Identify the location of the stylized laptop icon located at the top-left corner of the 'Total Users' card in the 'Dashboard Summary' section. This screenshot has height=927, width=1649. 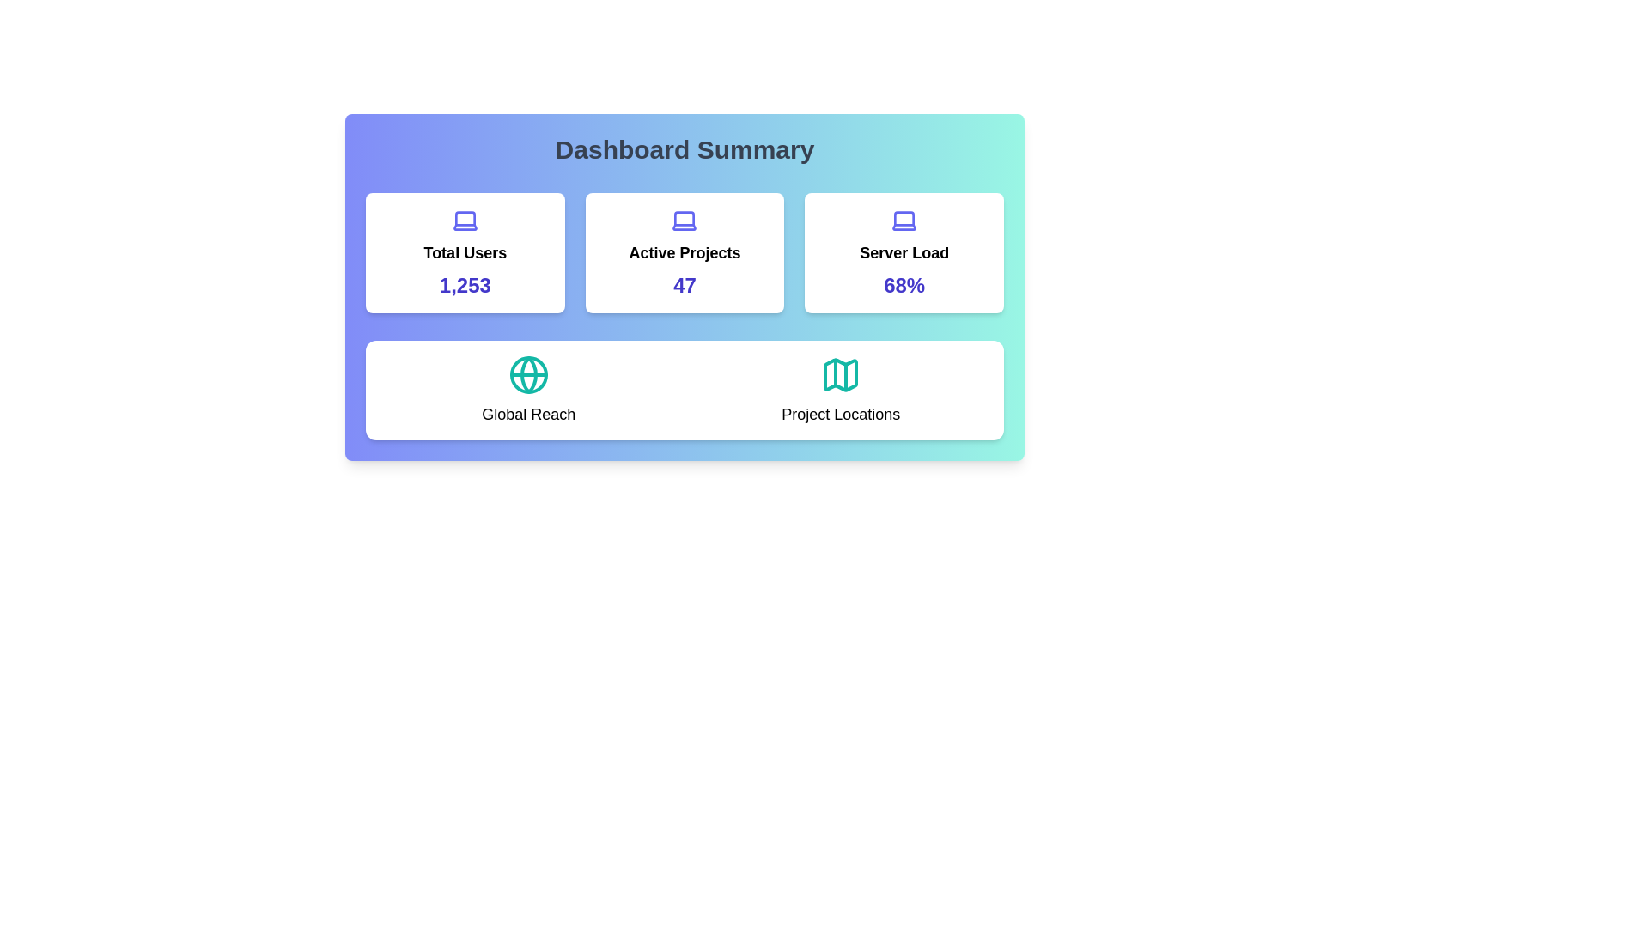
(465, 220).